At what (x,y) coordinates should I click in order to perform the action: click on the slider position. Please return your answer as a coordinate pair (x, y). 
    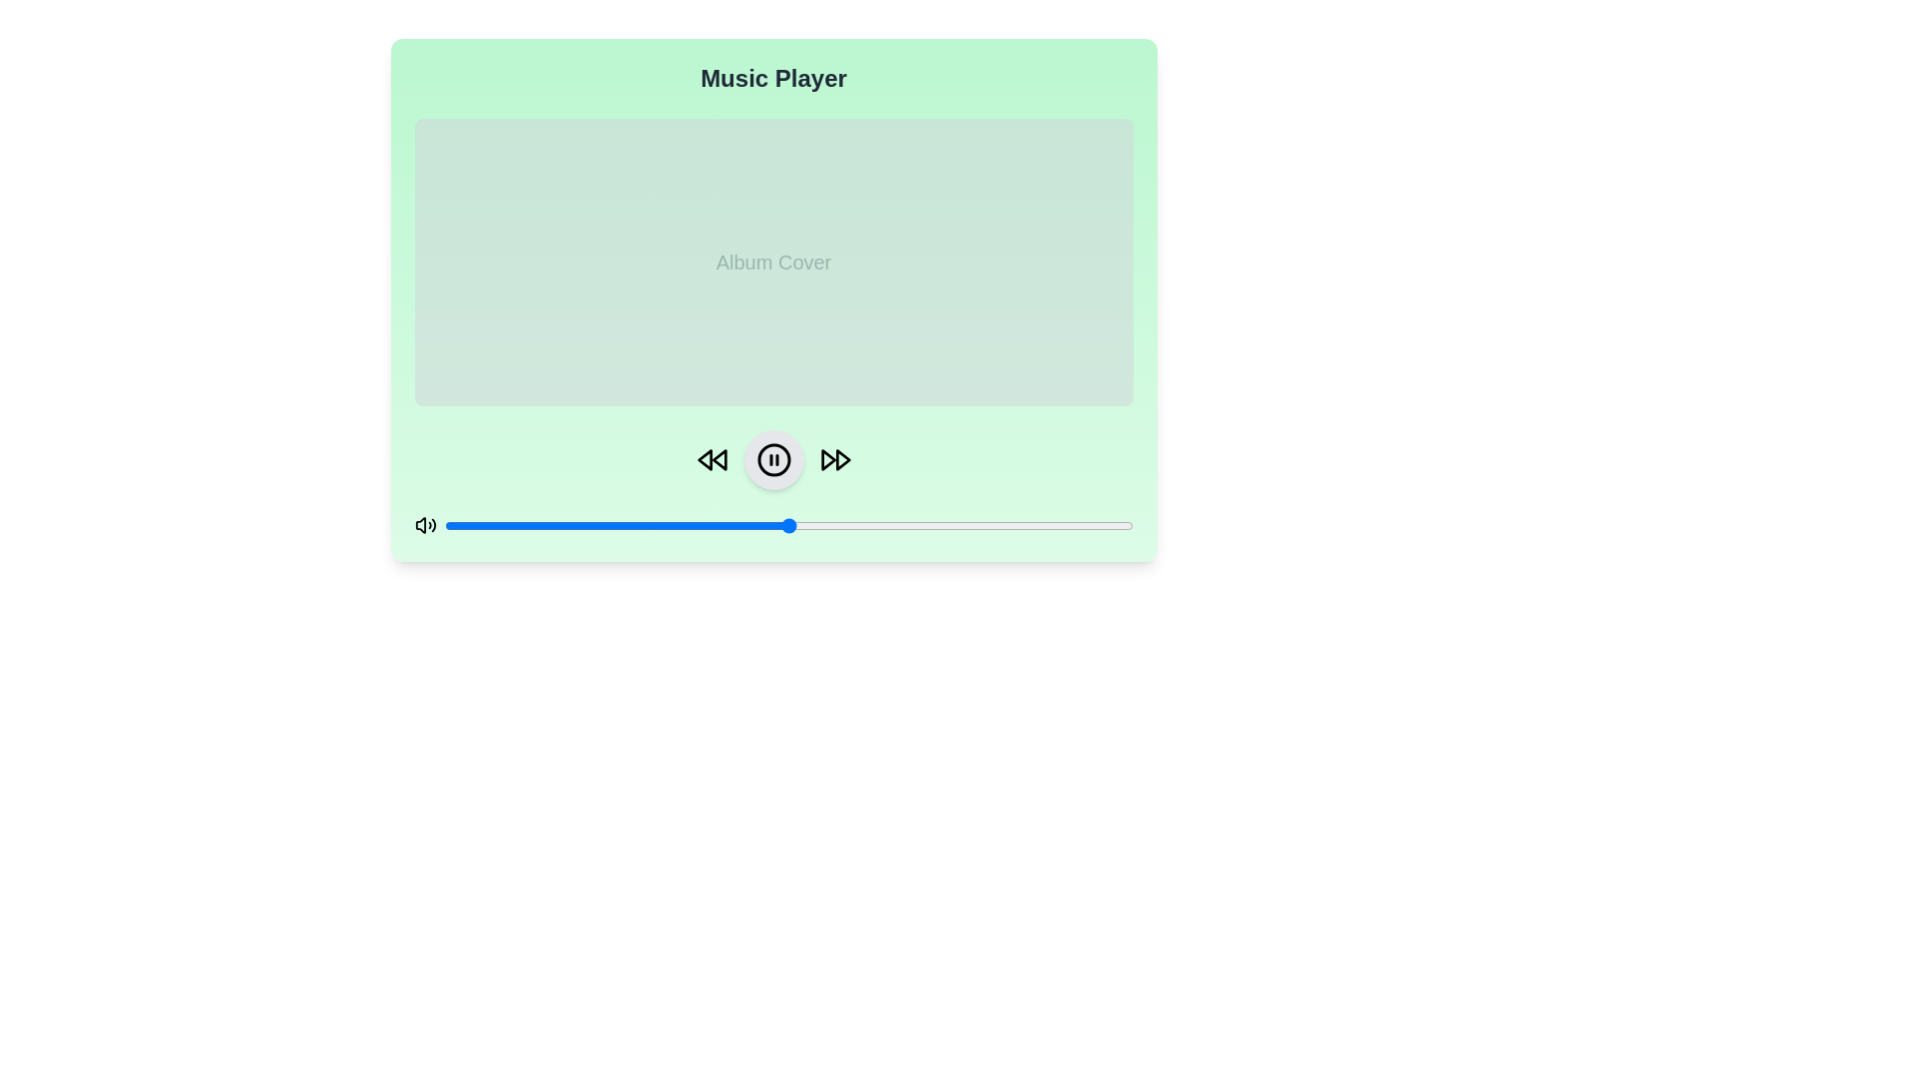
    Looking at the image, I should click on (995, 525).